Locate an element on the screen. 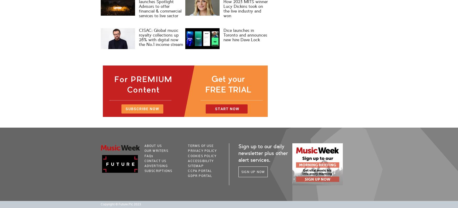  'Our Writers' is located at coordinates (156, 150).